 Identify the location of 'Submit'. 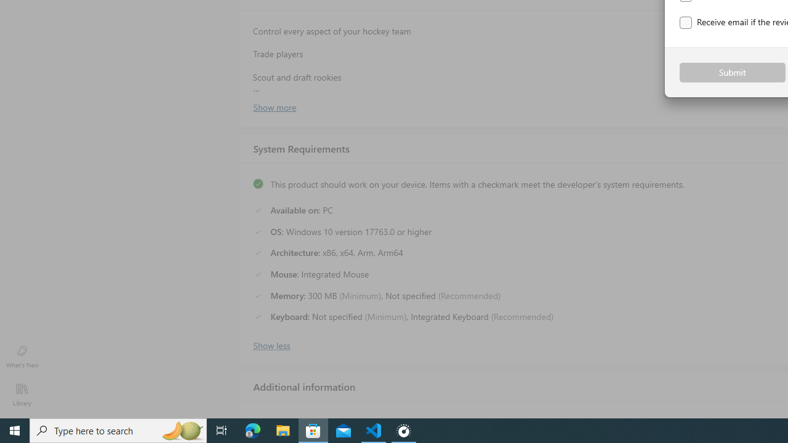
(732, 73).